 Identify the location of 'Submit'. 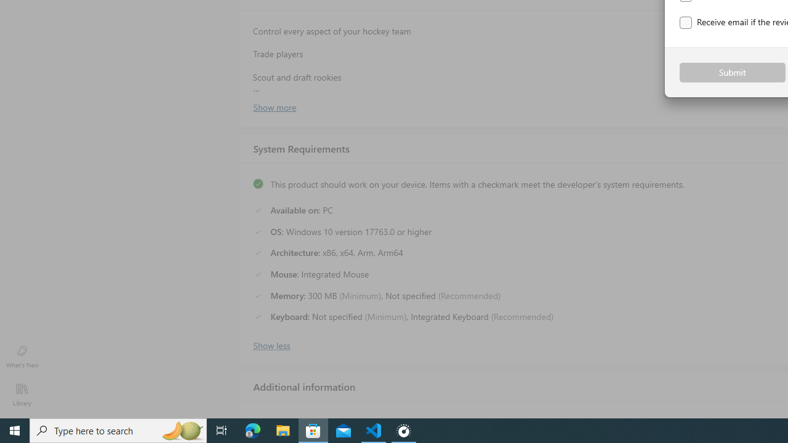
(732, 73).